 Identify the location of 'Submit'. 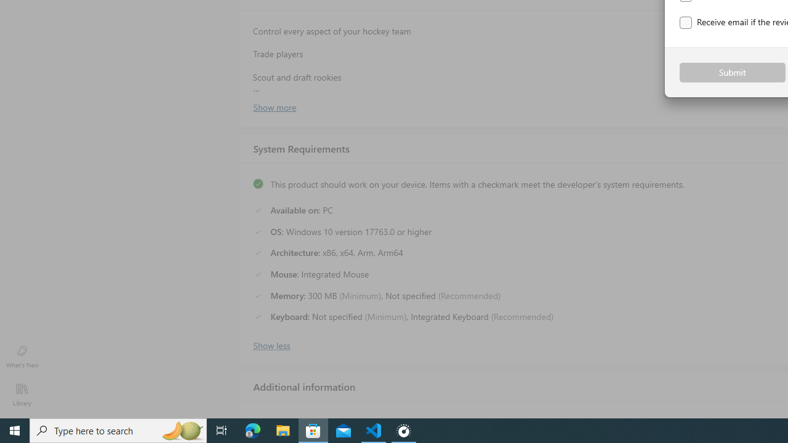
(732, 73).